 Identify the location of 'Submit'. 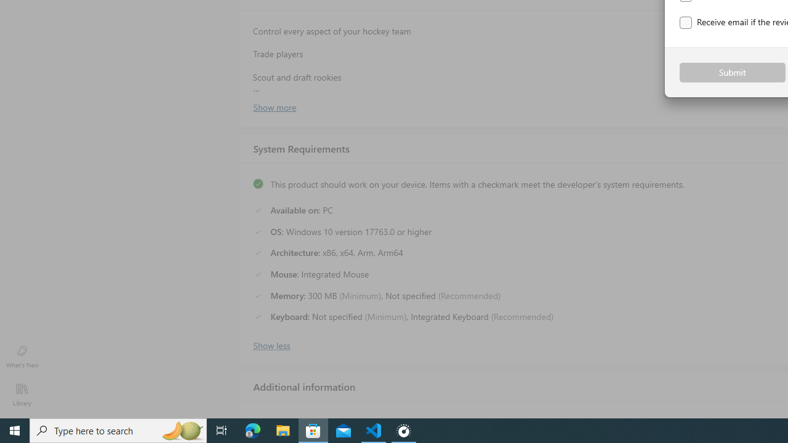
(732, 73).